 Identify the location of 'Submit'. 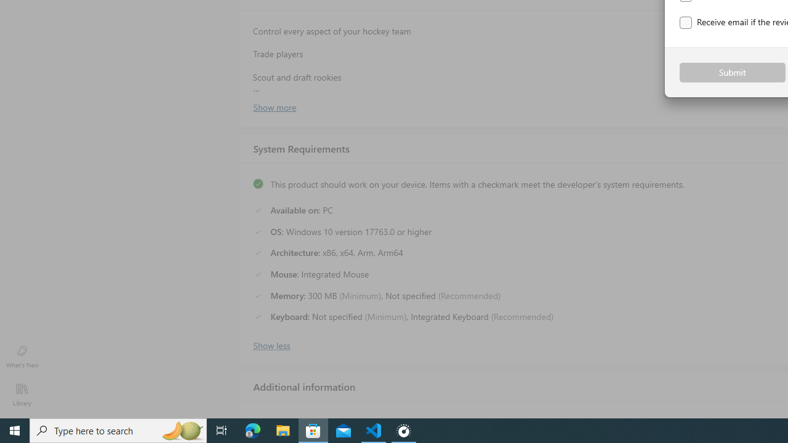
(732, 73).